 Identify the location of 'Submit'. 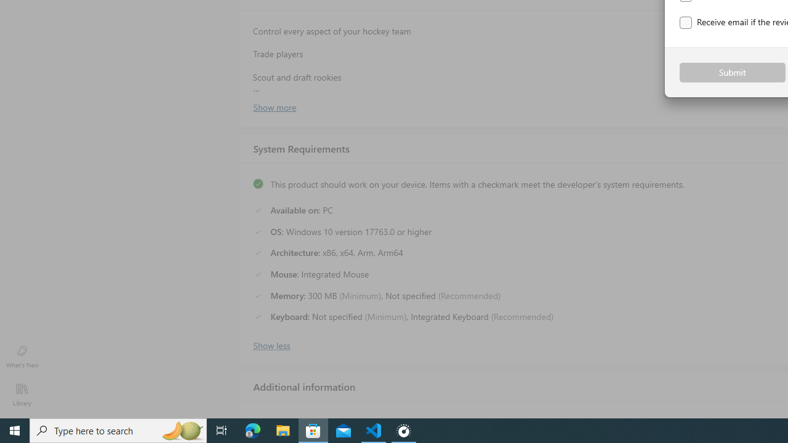
(732, 73).